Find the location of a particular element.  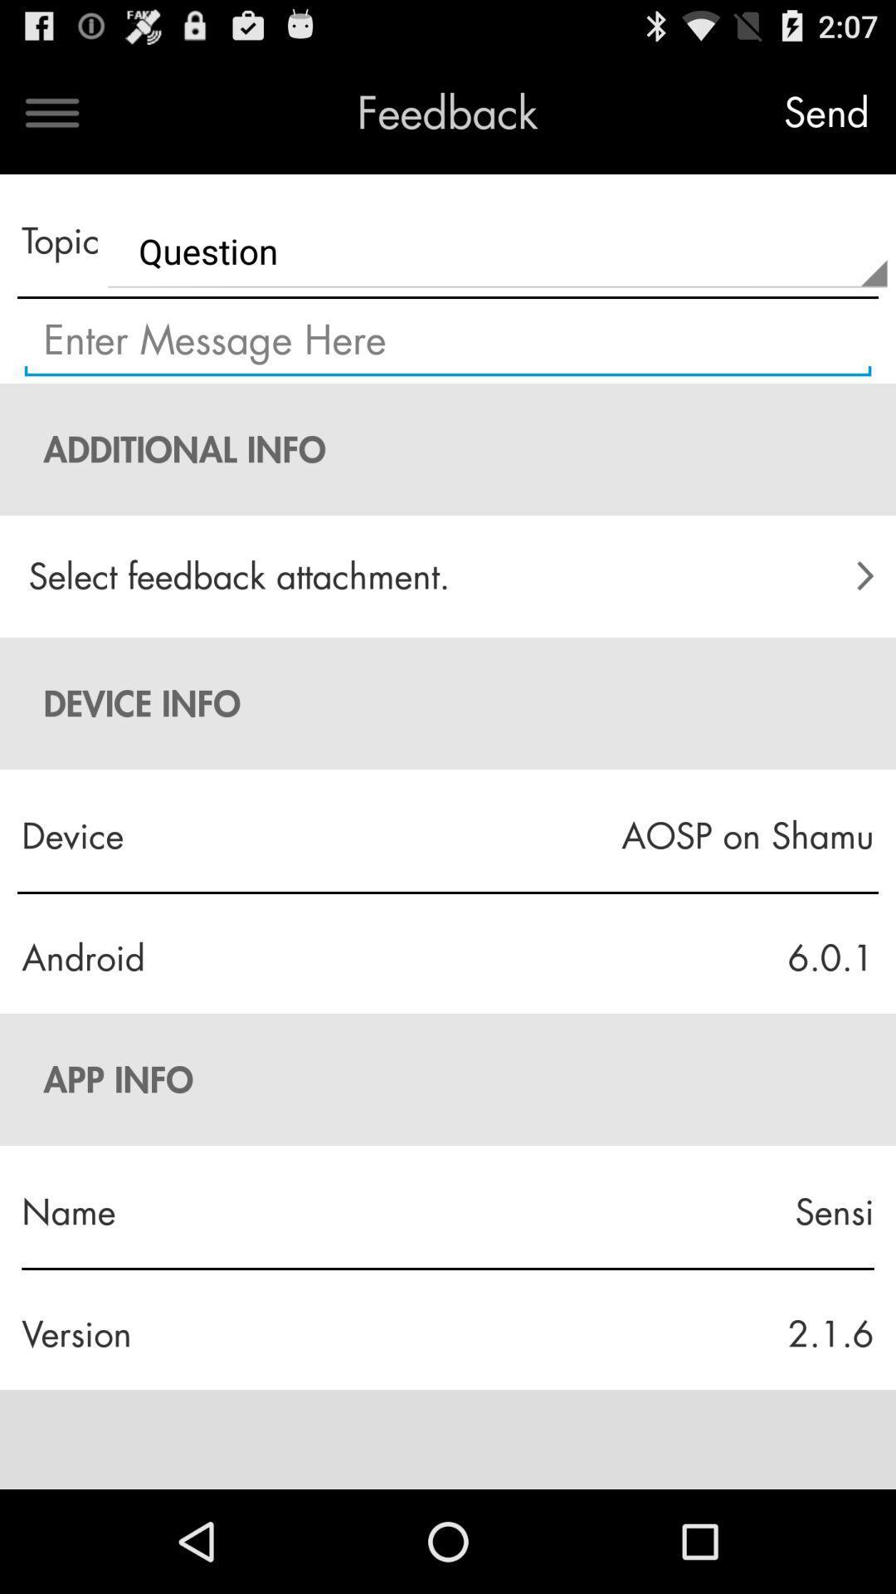

input field is located at coordinates (448, 340).